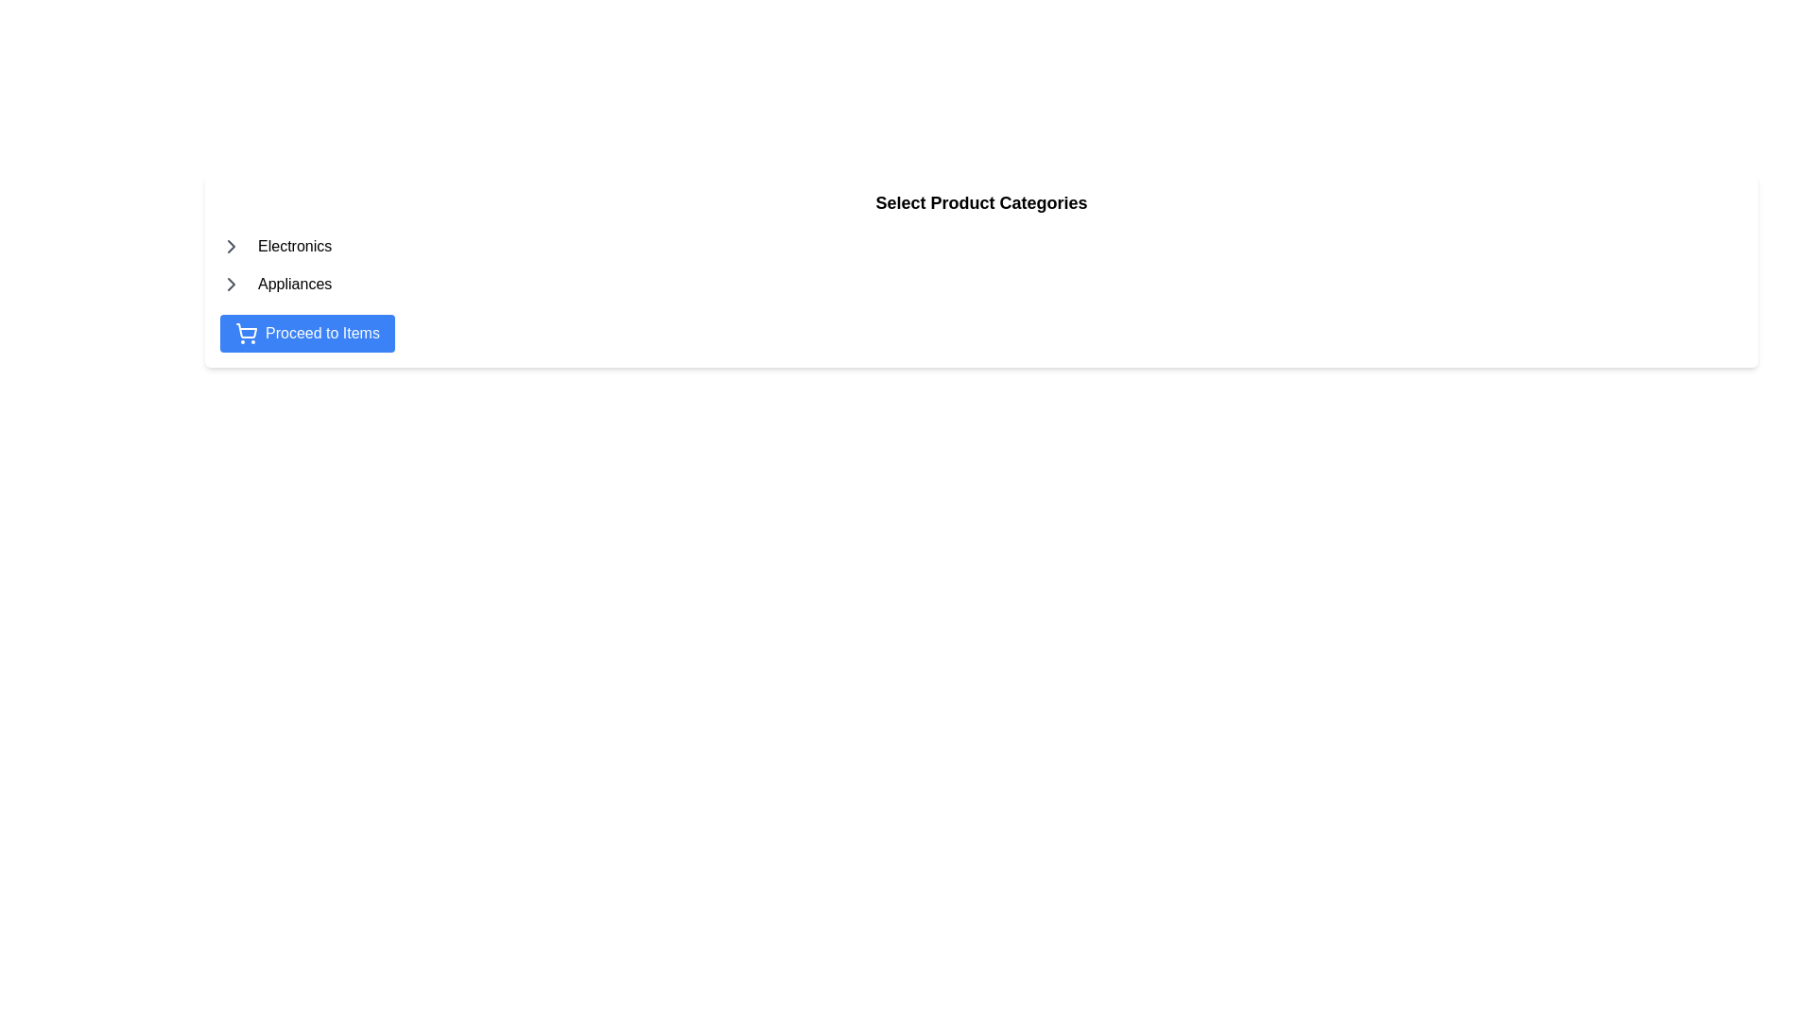 The width and height of the screenshot is (1815, 1021). I want to click on the rightward-pointing chevron arrow SVG icon that has a gray outline, positioned to the immediate left of the 'Appliances' text, so click(230, 284).